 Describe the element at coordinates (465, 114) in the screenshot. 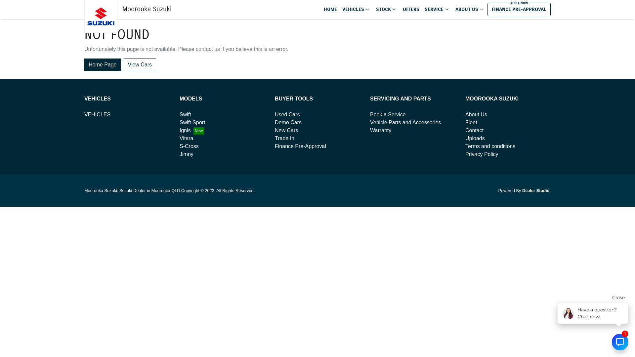

I see `'About Us'` at that location.